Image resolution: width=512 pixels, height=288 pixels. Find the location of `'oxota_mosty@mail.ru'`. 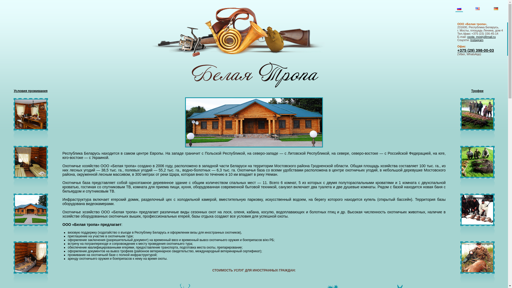

'oxota_mosty@mail.ru' is located at coordinates (467, 37).